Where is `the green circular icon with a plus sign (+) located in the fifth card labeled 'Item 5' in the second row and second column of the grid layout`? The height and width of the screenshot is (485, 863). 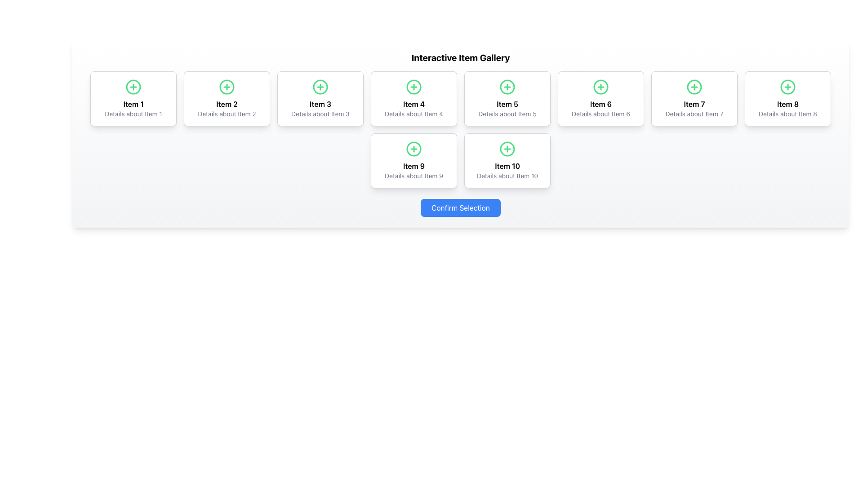
the green circular icon with a plus sign (+) located in the fifth card labeled 'Item 5' in the second row and second column of the grid layout is located at coordinates (507, 87).